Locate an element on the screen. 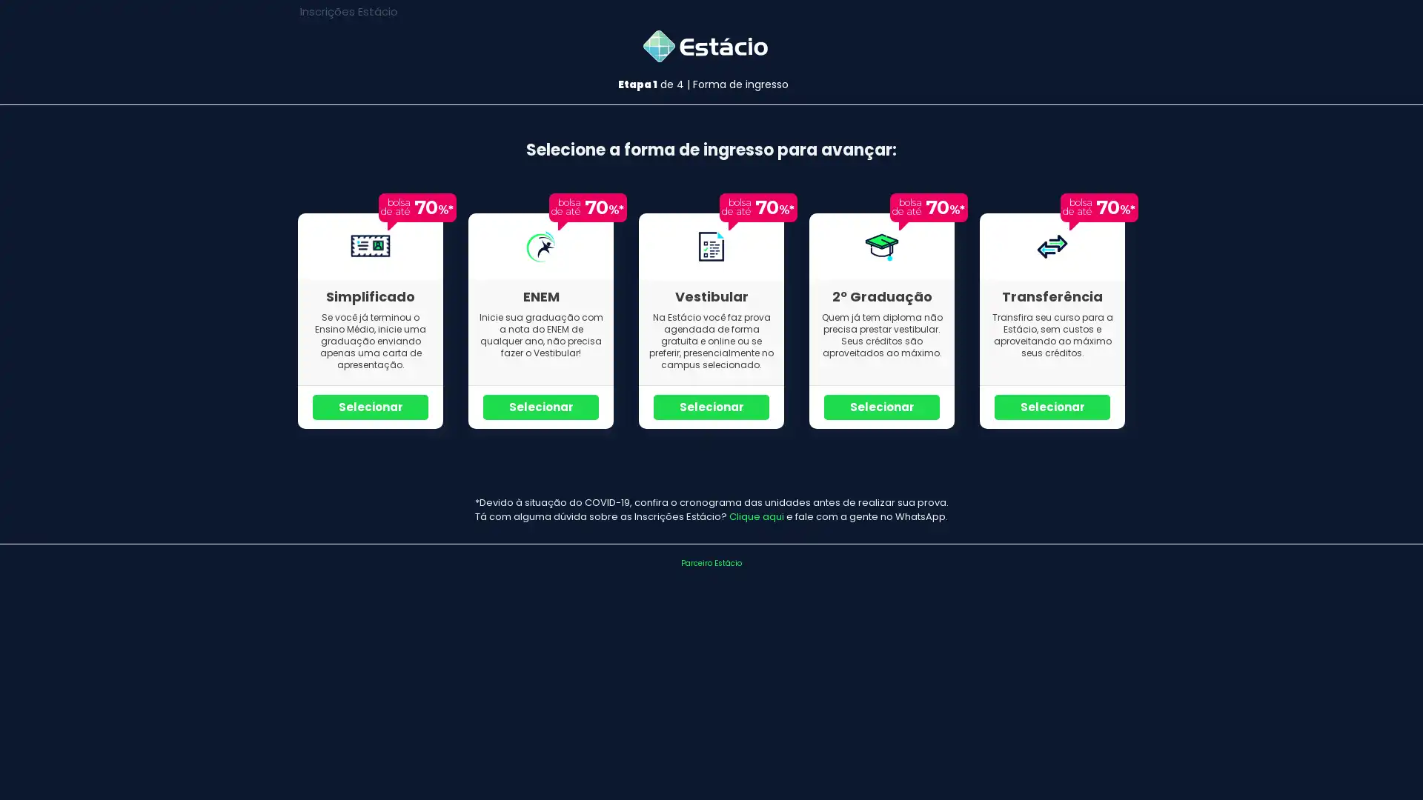 Image resolution: width=1423 pixels, height=800 pixels. Selecionar is located at coordinates (882, 406).